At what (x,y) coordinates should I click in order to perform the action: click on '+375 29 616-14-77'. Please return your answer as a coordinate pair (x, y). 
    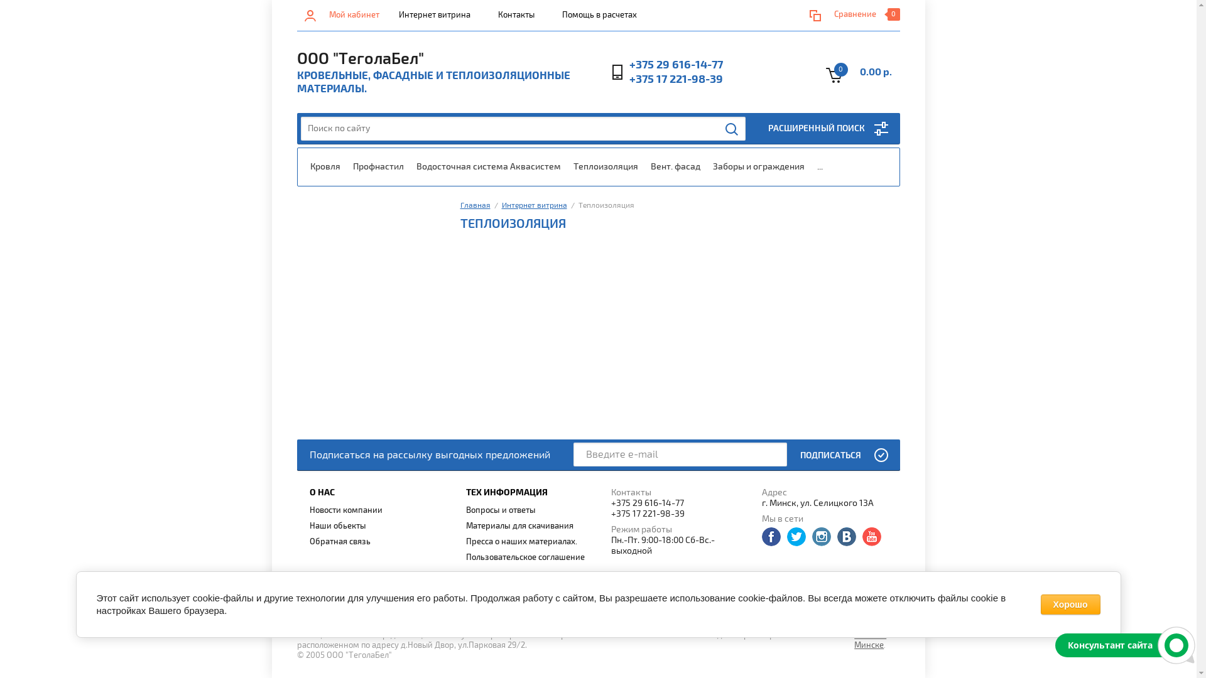
    Looking at the image, I should click on (678, 502).